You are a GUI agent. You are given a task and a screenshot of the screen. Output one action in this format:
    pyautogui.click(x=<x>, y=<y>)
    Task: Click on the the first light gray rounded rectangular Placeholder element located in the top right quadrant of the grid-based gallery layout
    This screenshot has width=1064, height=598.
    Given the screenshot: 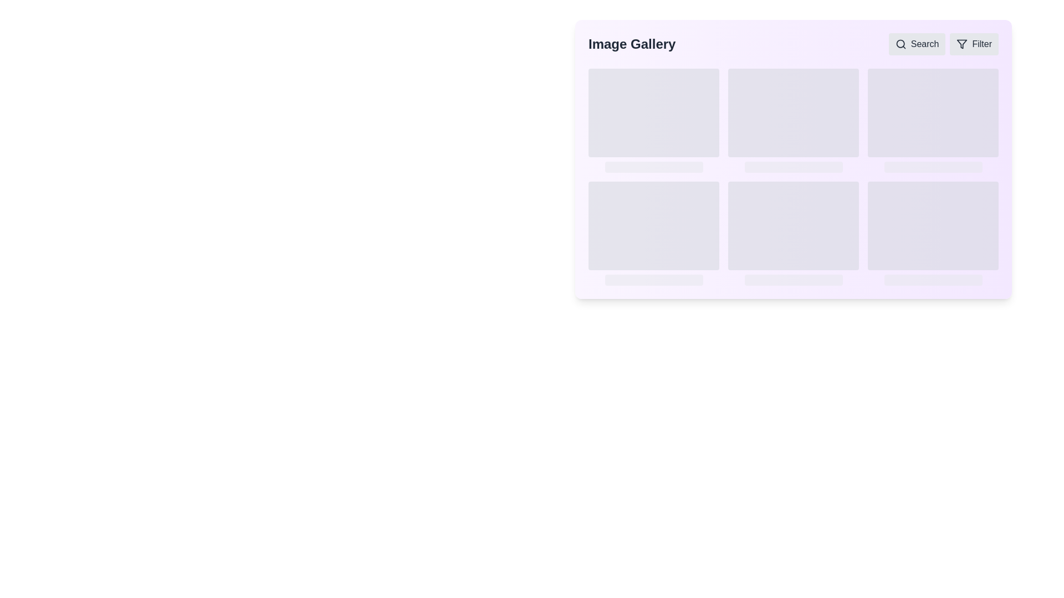 What is the action you would take?
    pyautogui.click(x=933, y=113)
    